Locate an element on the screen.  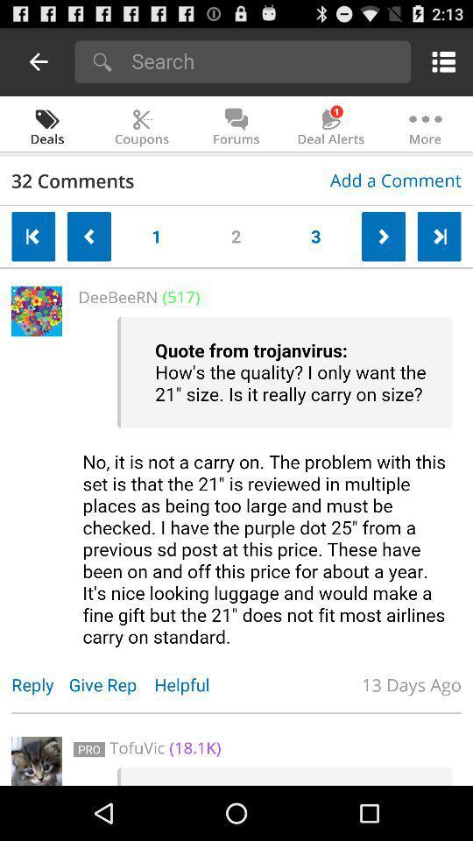
the icon which is right to the icon deal alerts is located at coordinates (425, 124).